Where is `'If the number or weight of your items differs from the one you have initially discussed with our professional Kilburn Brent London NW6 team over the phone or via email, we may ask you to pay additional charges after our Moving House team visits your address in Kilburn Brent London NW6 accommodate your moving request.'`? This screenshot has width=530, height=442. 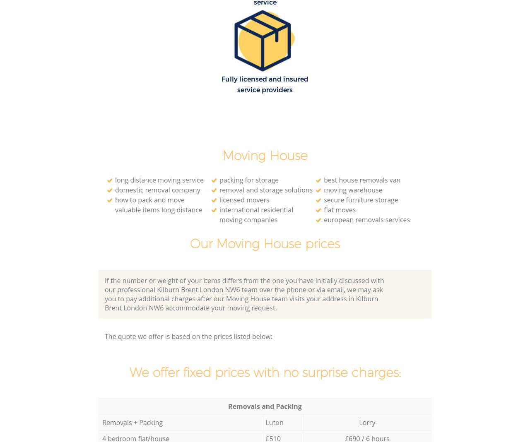
'If the number or weight of your items differs from the one you have initially discussed with our professional Kilburn Brent London NW6 team over the phone or via email, we may ask you to pay additional charges after our Moving House team visits your address in Kilburn Brent London NW6 accommodate your moving request.' is located at coordinates (243, 294).